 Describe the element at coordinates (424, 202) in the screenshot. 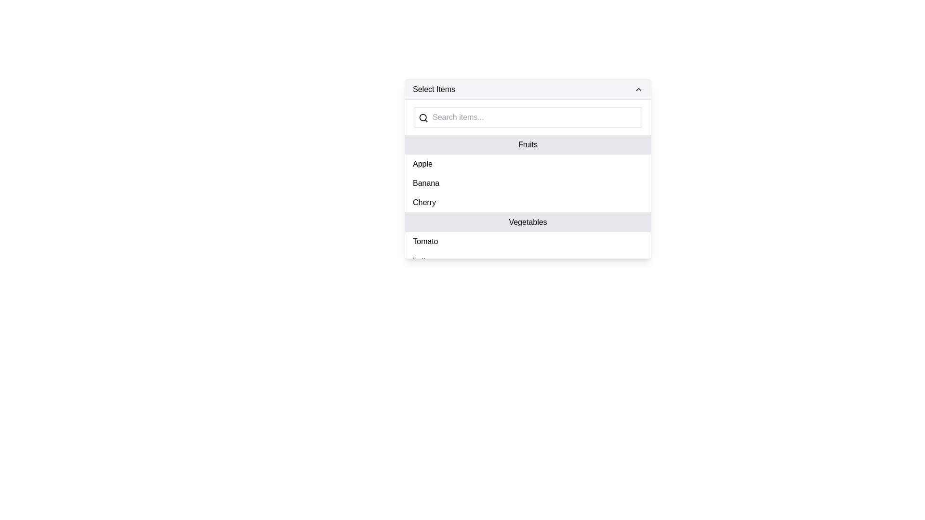

I see `the text 'Cherry' in the dropdown menu` at that location.